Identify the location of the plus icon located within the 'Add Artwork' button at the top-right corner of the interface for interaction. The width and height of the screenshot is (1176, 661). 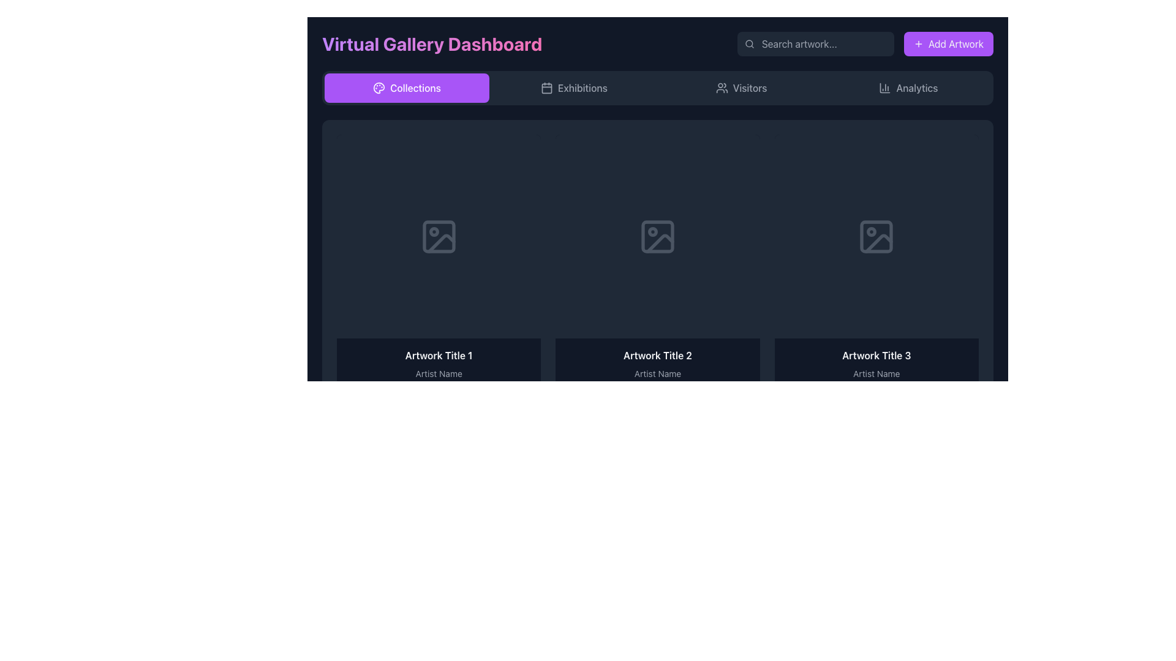
(918, 43).